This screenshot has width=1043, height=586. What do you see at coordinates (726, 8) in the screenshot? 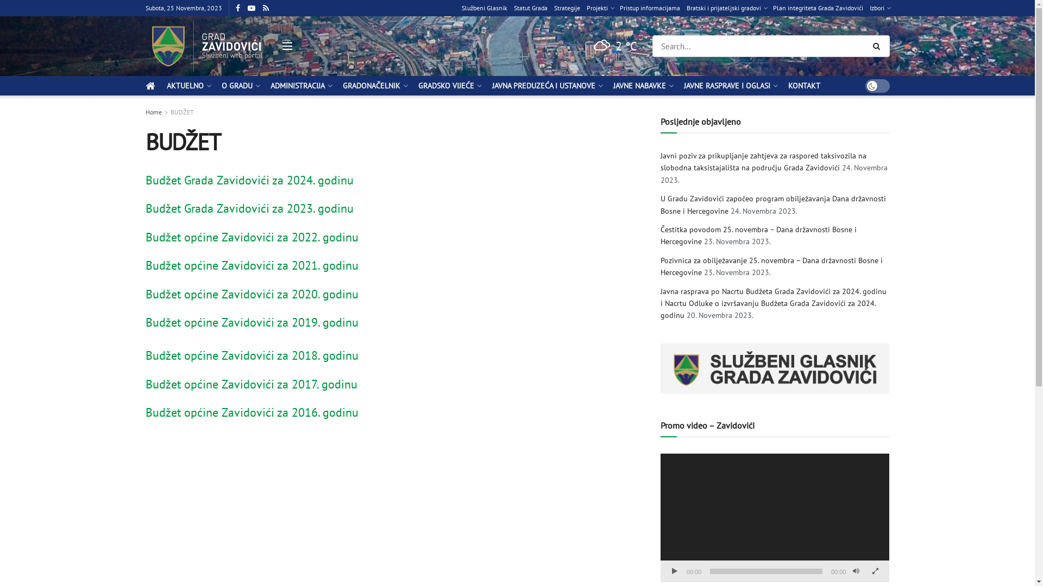
I see `'Bratski i prijateljski gradovi'` at bounding box center [726, 8].